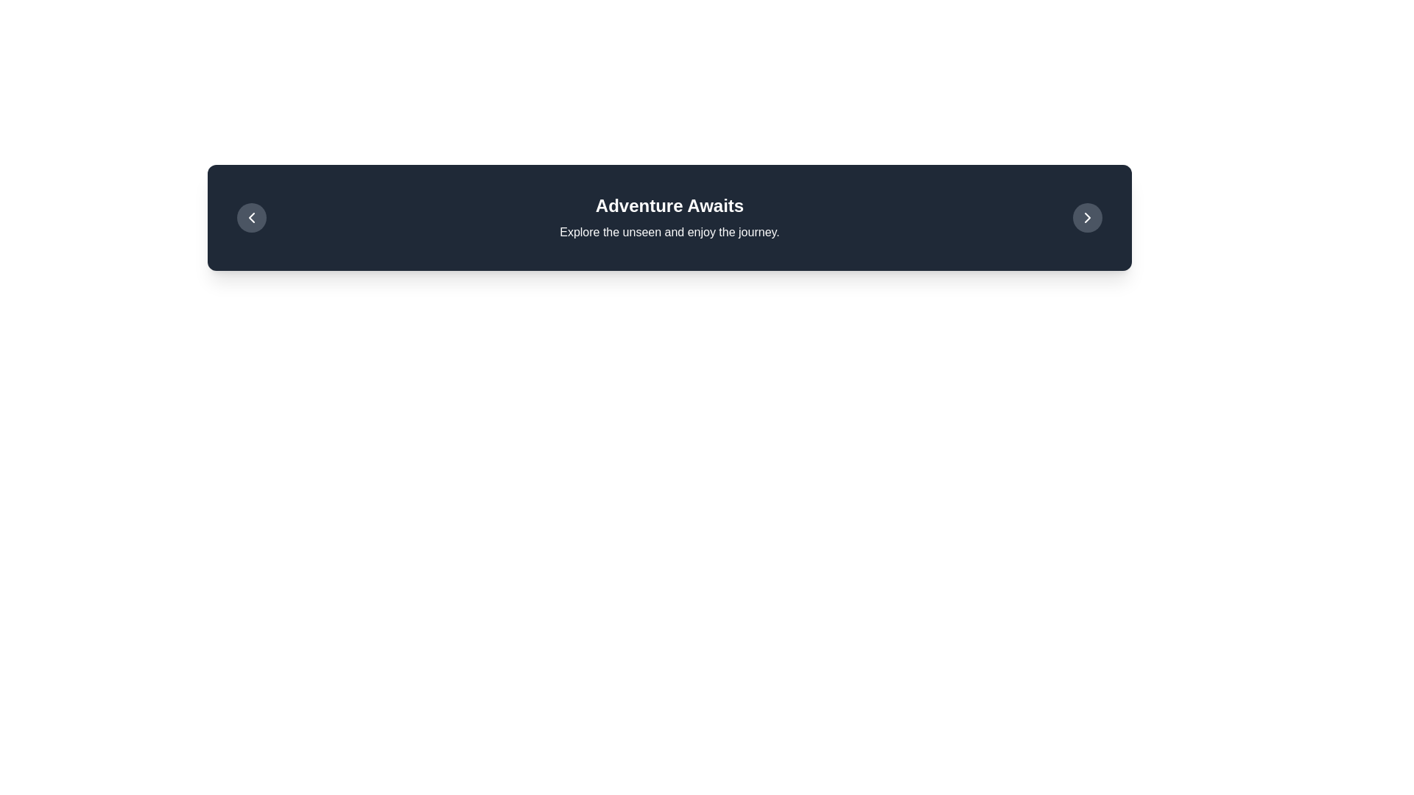 The width and height of the screenshot is (1414, 795). Describe the element at coordinates (251, 218) in the screenshot. I see `the circular button with a gray background and a left-facing chevron icon` at that location.